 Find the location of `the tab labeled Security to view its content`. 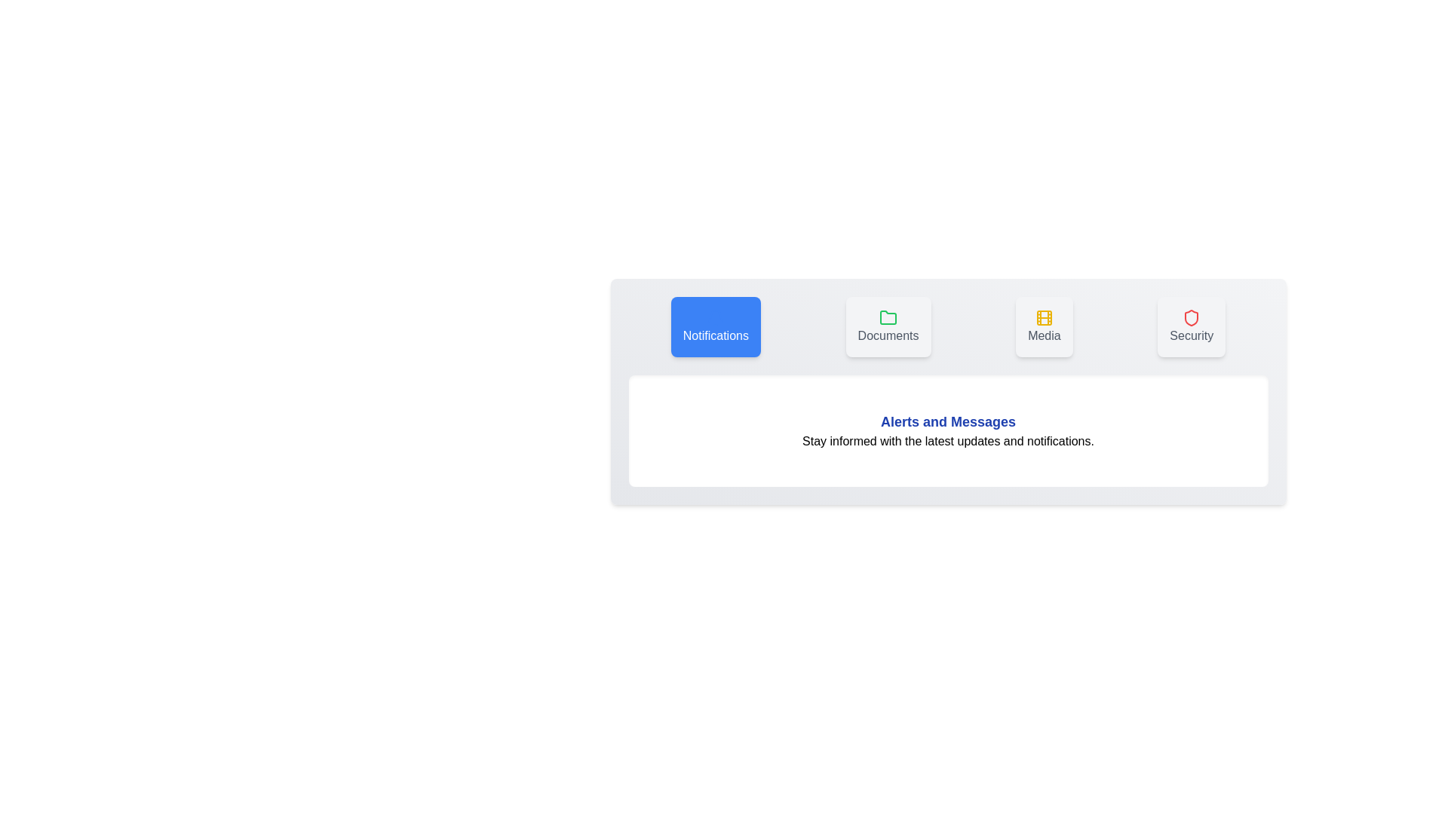

the tab labeled Security to view its content is located at coordinates (1191, 326).